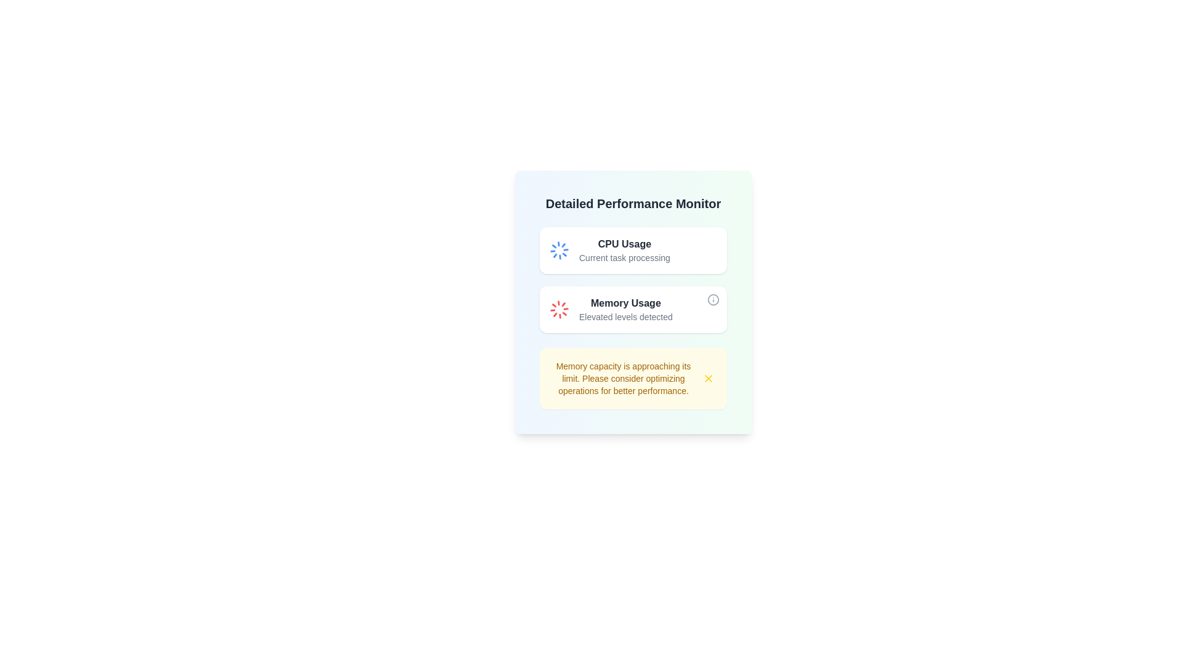  Describe the element at coordinates (625, 304) in the screenshot. I see `the bold text label reading 'Memory Usage', which is styled in a dark color and positioned above an alert box within a performance monitor module` at that location.